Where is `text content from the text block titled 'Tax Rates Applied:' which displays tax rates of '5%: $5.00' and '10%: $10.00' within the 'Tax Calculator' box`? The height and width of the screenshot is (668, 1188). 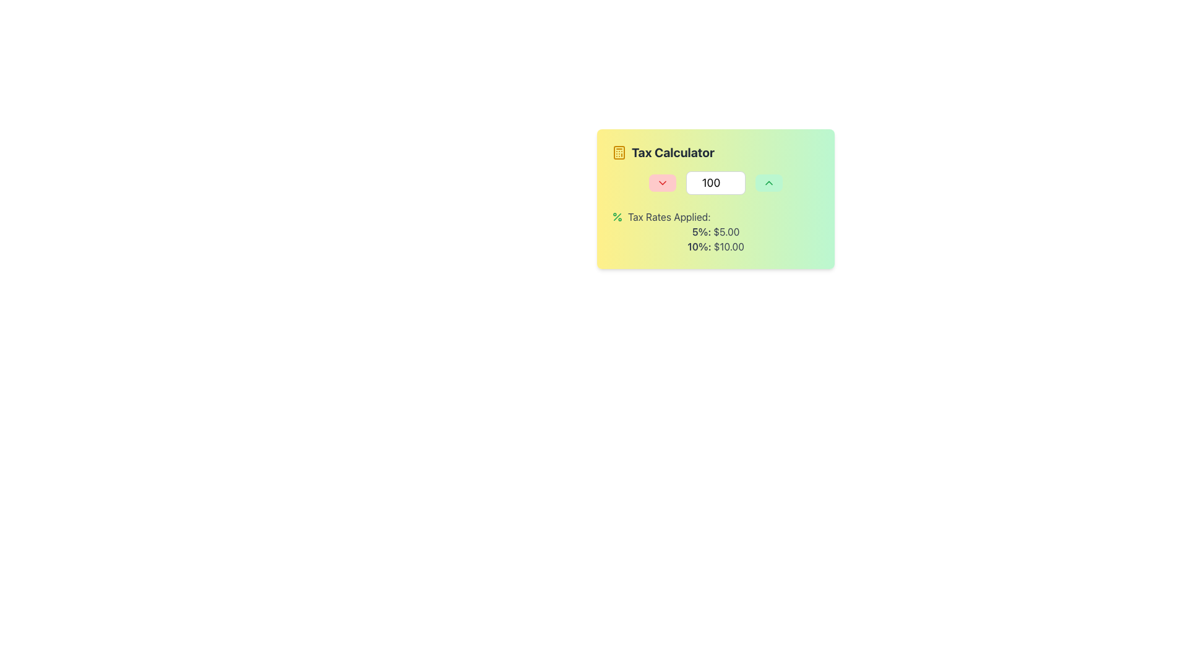 text content from the text block titled 'Tax Rates Applied:' which displays tax rates of '5%: $5.00' and '10%: $10.00' within the 'Tax Calculator' box is located at coordinates (715, 231).